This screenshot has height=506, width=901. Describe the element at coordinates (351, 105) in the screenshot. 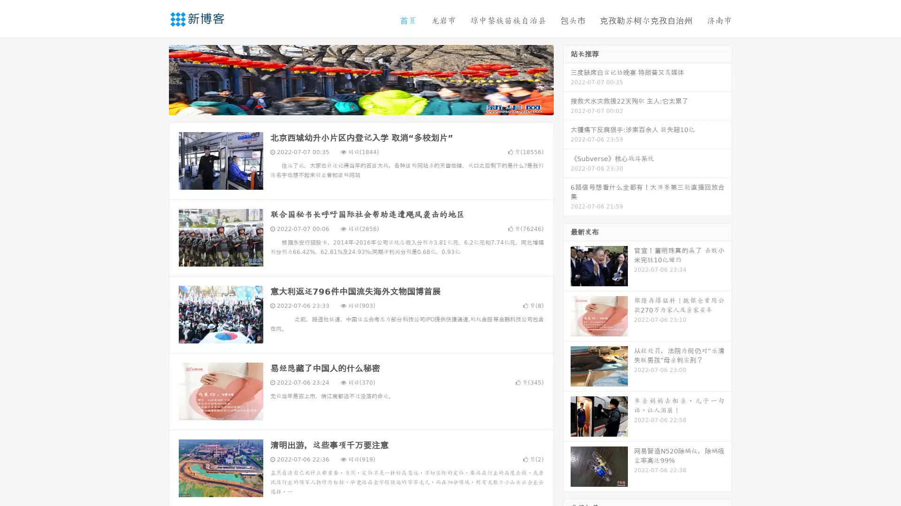

I see `Go to slide 1` at that location.